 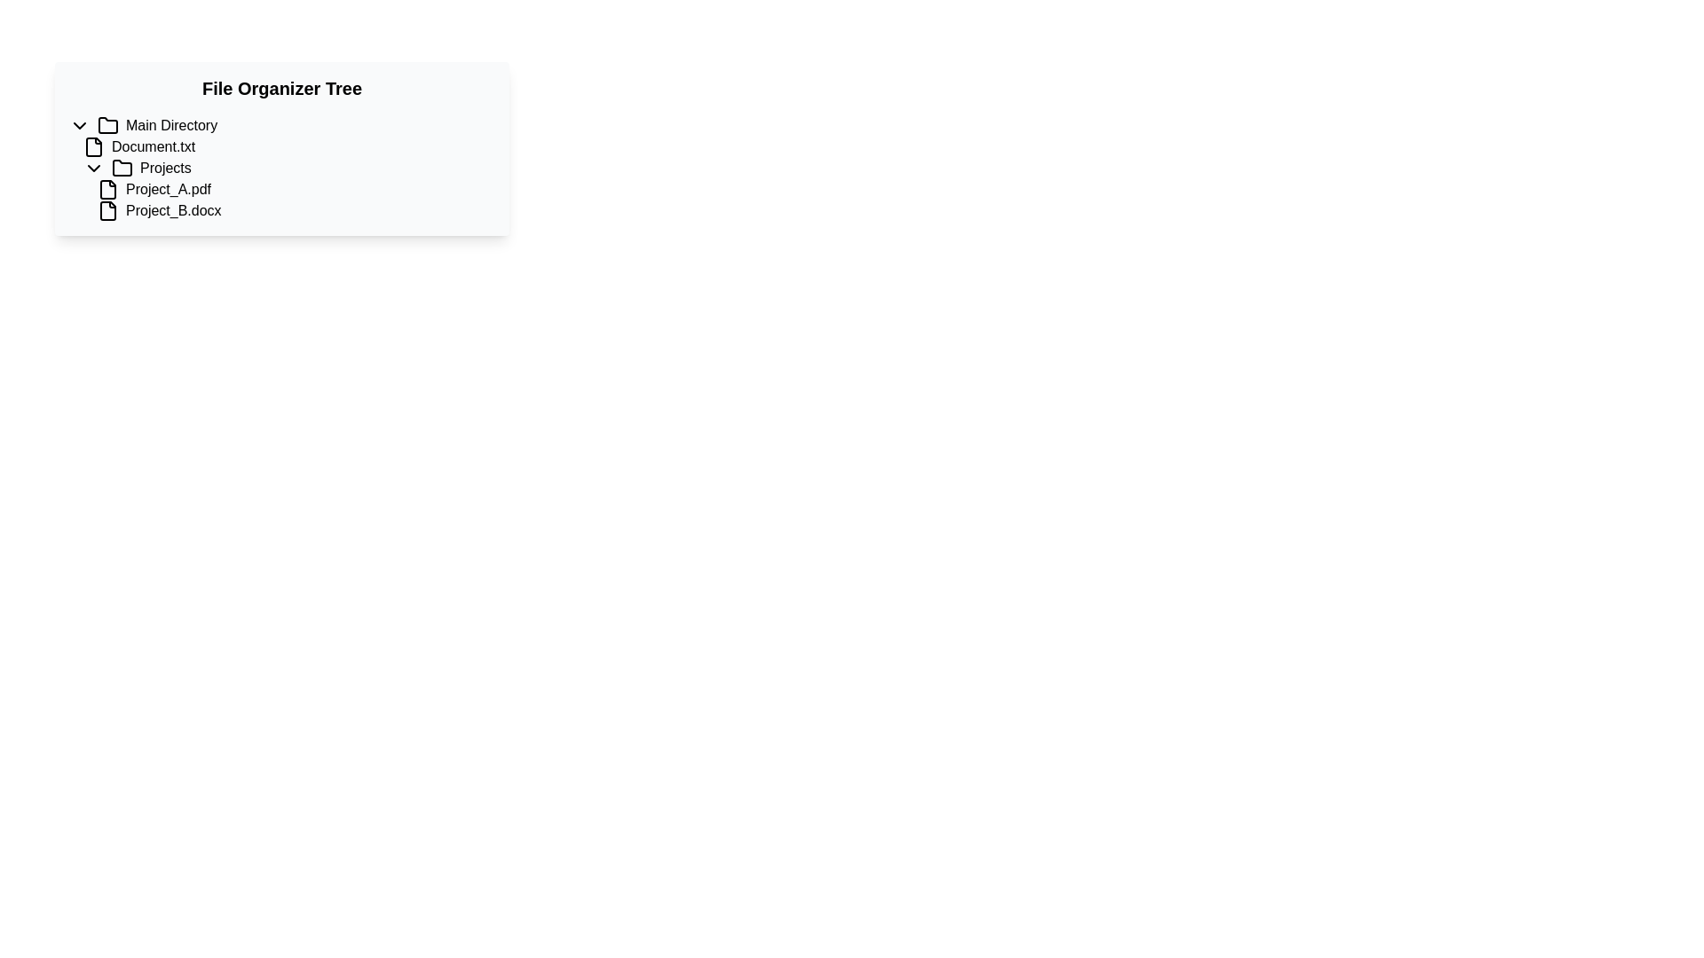 What do you see at coordinates (296, 200) in the screenshot?
I see `the file list item 'Project_B.docx', the last entry under the 'Projects' heading` at bounding box center [296, 200].